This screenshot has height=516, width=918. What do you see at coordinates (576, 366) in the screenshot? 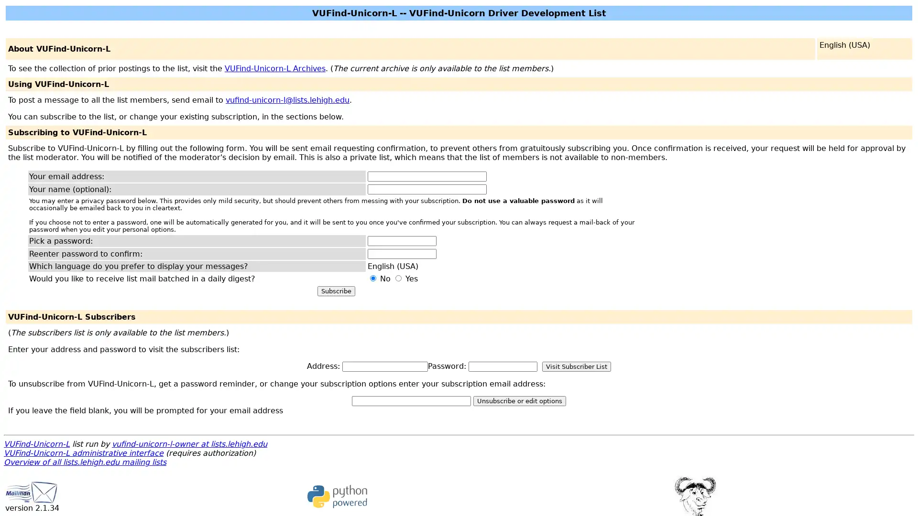
I see `Visit Subscriber List` at bounding box center [576, 366].